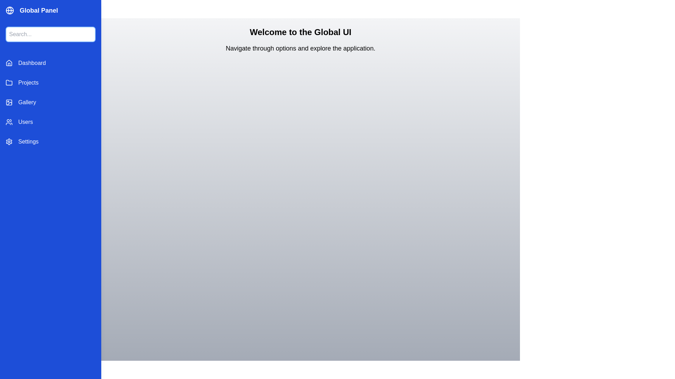 The image size is (675, 379). Describe the element at coordinates (50, 121) in the screenshot. I see `the navigation item labeled Users to switch to its corresponding view` at that location.